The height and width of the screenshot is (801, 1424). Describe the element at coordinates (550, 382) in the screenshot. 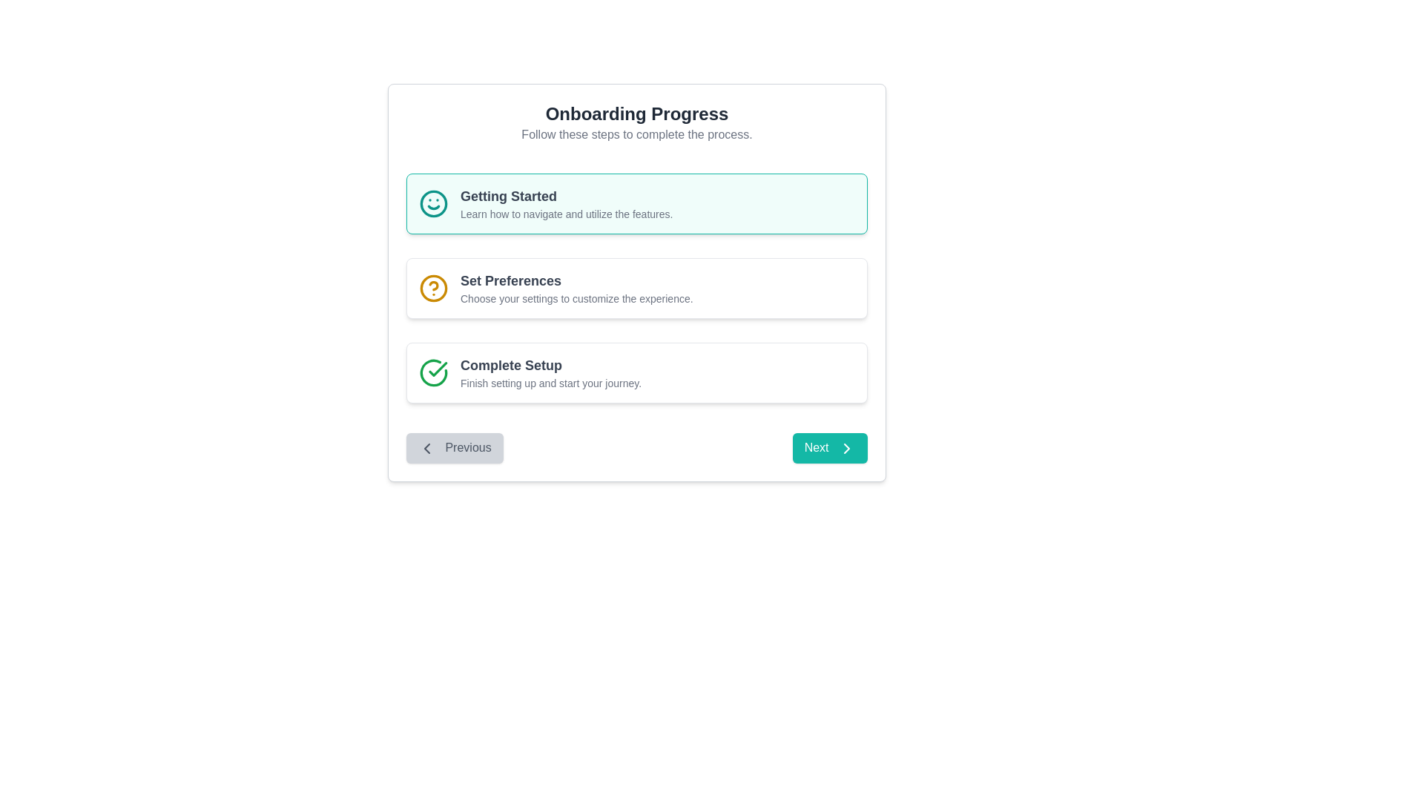

I see `the static text label that reads 'Finish setting up and start your journey.', which is styled in a smaller gray font and located directly below the 'Complete Setup' headline` at that location.